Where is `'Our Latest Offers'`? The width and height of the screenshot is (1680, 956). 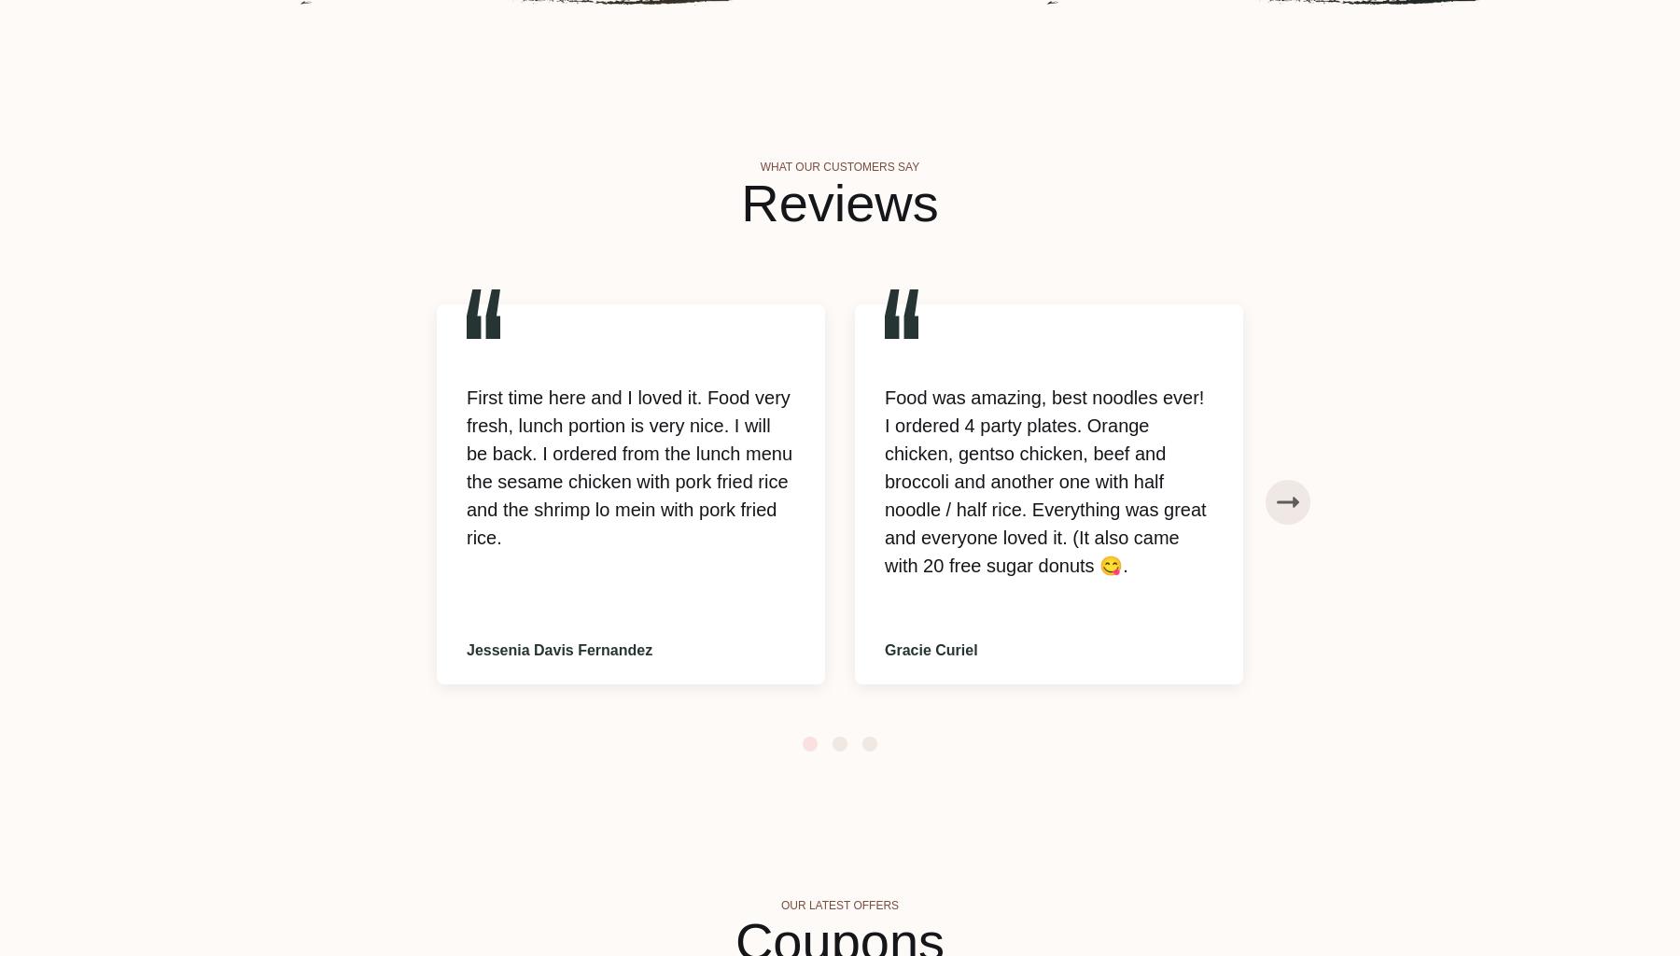
'Our Latest Offers' is located at coordinates (779, 906).